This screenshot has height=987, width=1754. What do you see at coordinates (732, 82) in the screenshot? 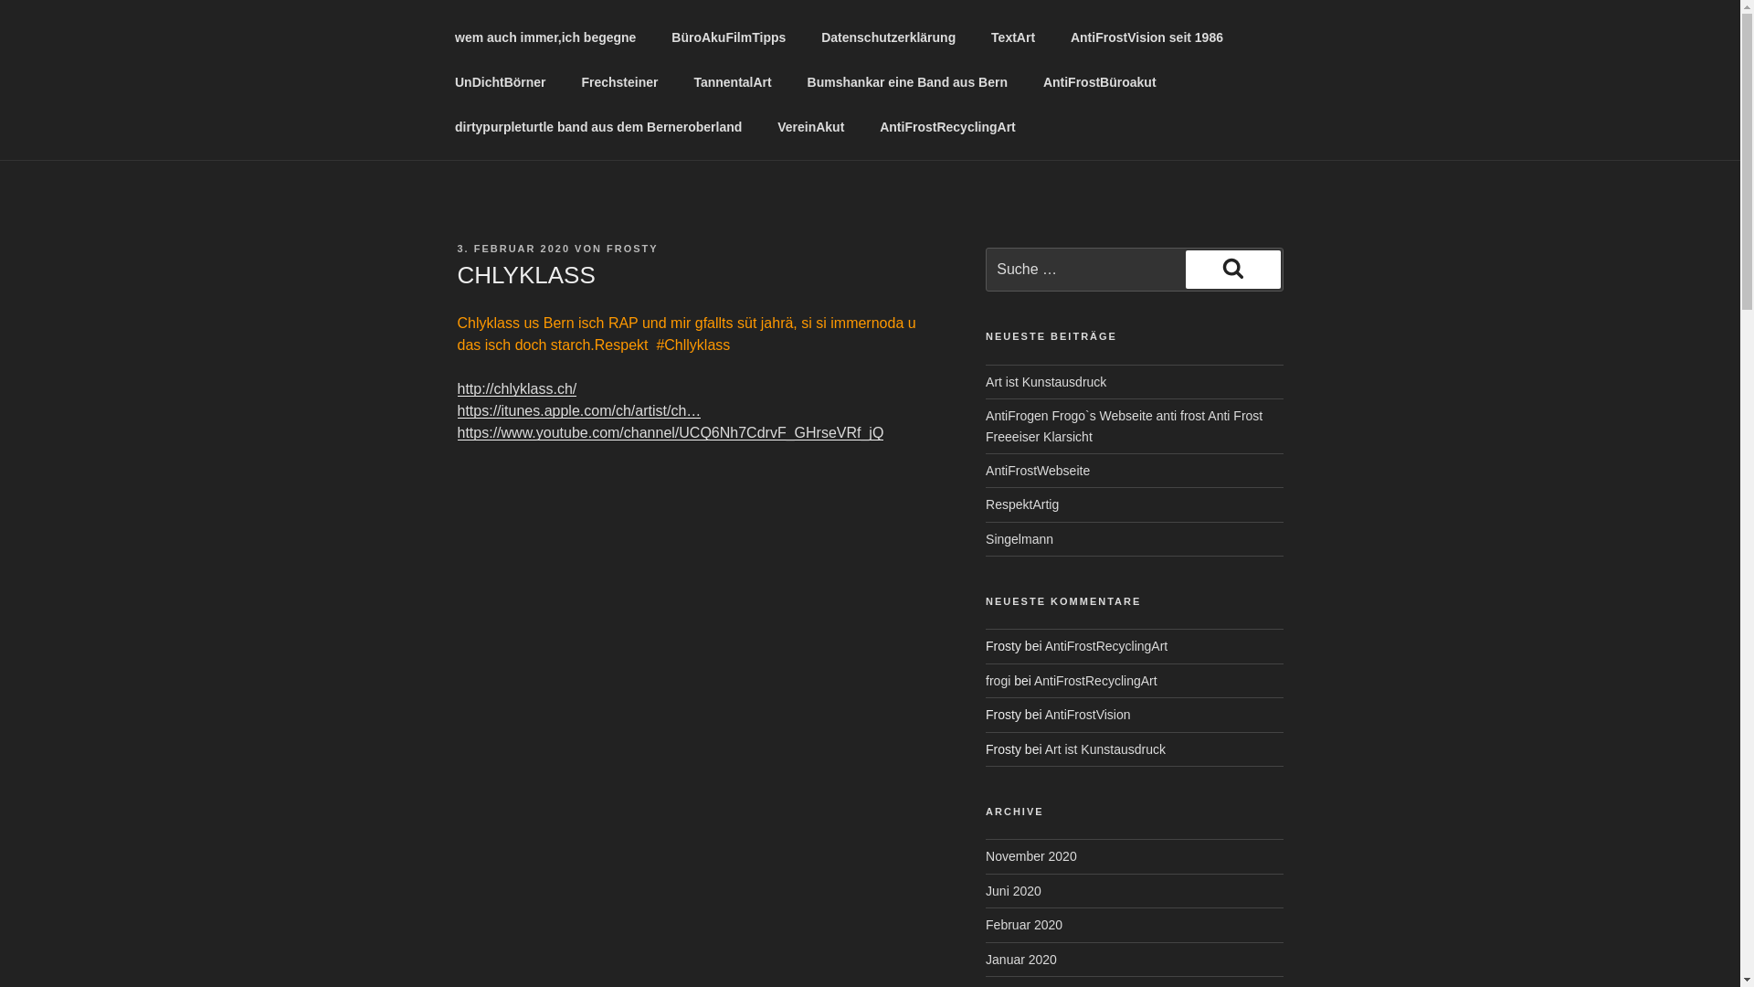
I see `'TannentalArt'` at bounding box center [732, 82].